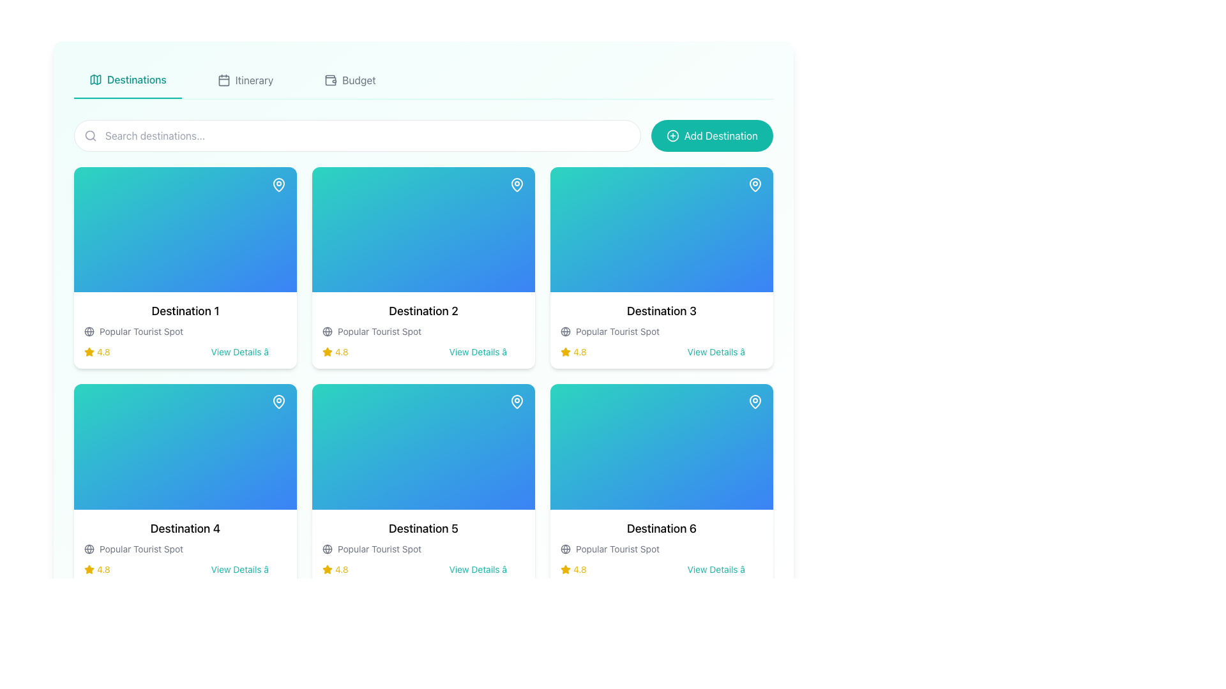  Describe the element at coordinates (423, 311) in the screenshot. I see `the static text label displaying 'Destination 2', which is positioned in the center of its card in the Destinations section` at that location.